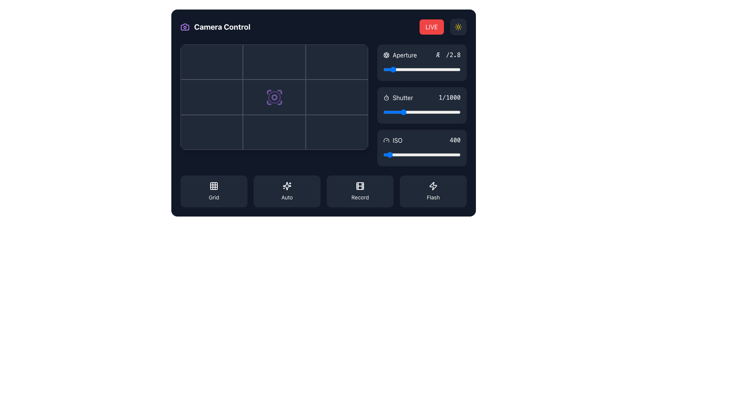 The height and width of the screenshot is (411, 731). I want to click on the shutter speed, so click(412, 112).